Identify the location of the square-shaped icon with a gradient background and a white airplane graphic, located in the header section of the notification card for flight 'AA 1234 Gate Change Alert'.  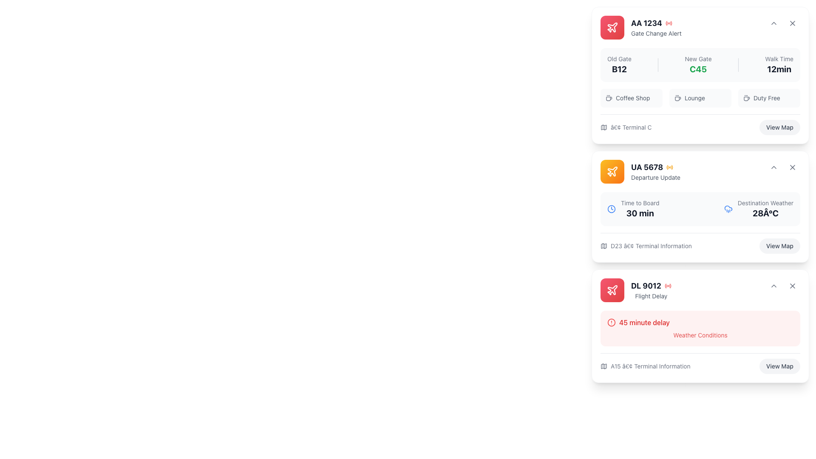
(612, 27).